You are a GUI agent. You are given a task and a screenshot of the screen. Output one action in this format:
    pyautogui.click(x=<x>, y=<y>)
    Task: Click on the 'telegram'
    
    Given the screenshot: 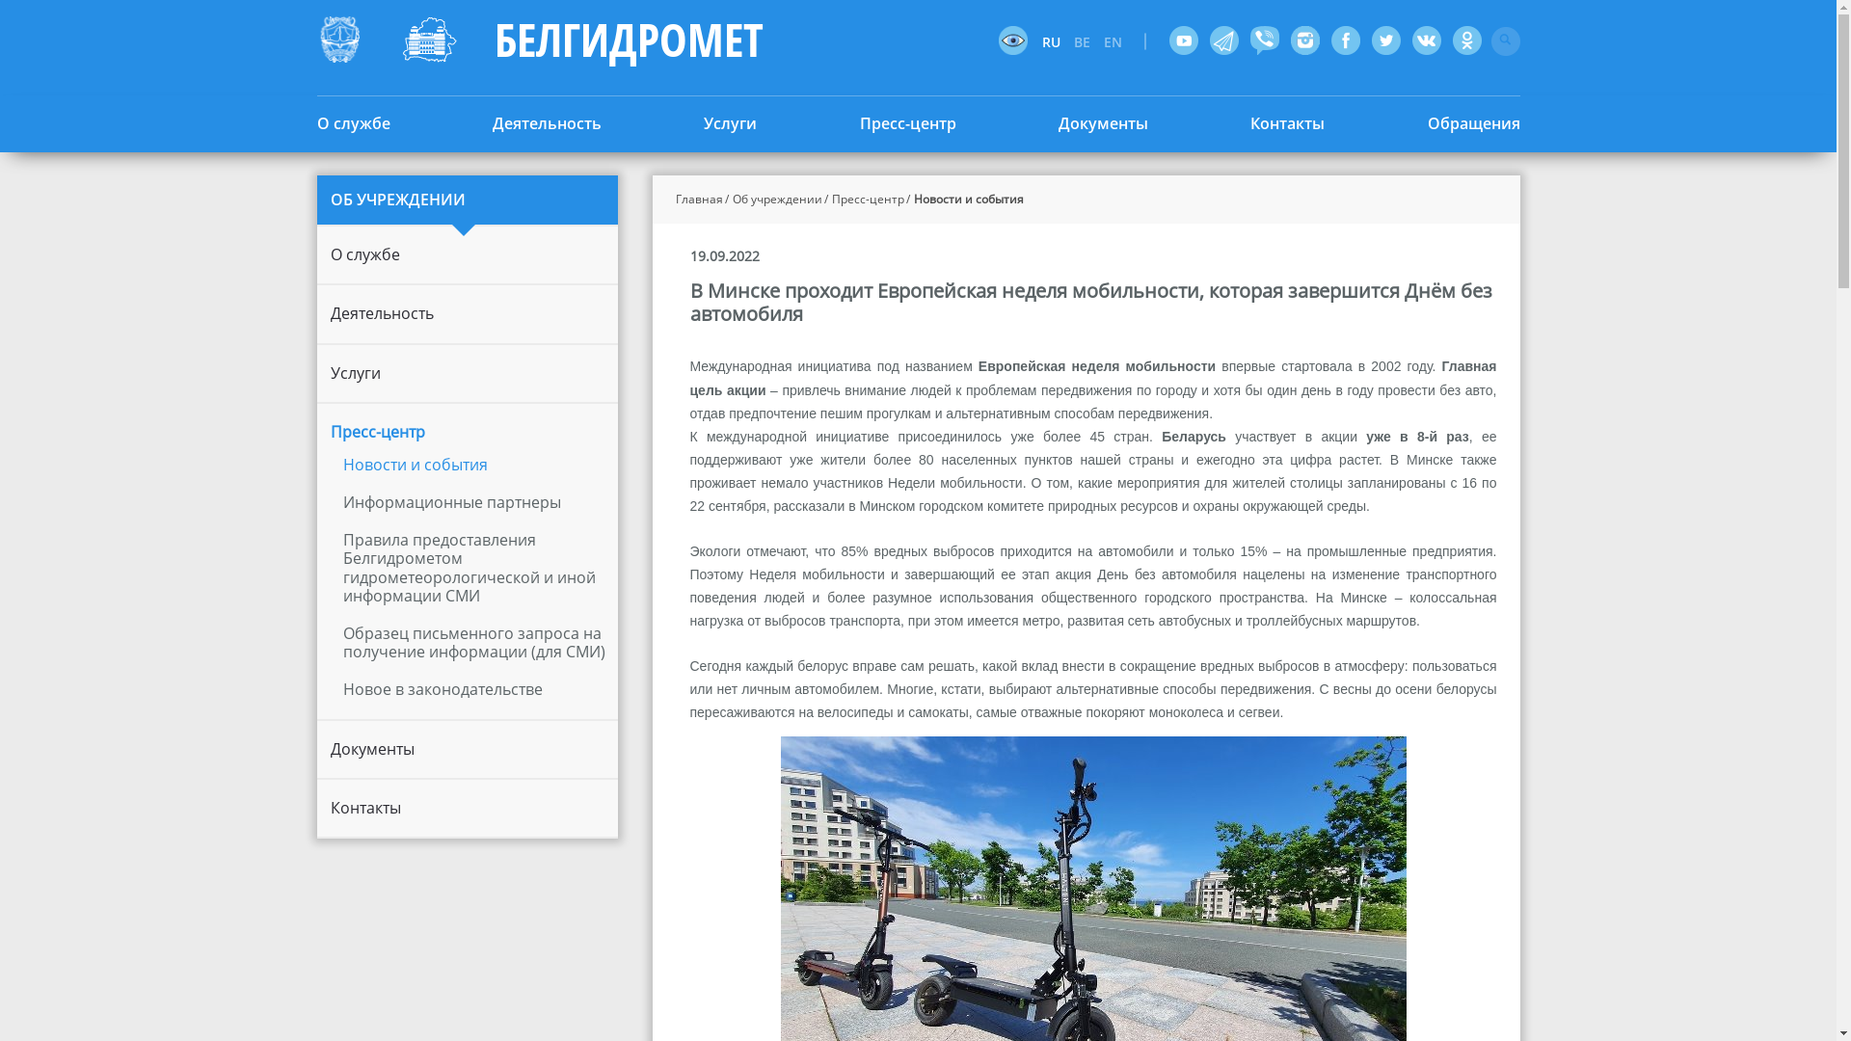 What is the action you would take?
    pyautogui.click(x=1221, y=40)
    